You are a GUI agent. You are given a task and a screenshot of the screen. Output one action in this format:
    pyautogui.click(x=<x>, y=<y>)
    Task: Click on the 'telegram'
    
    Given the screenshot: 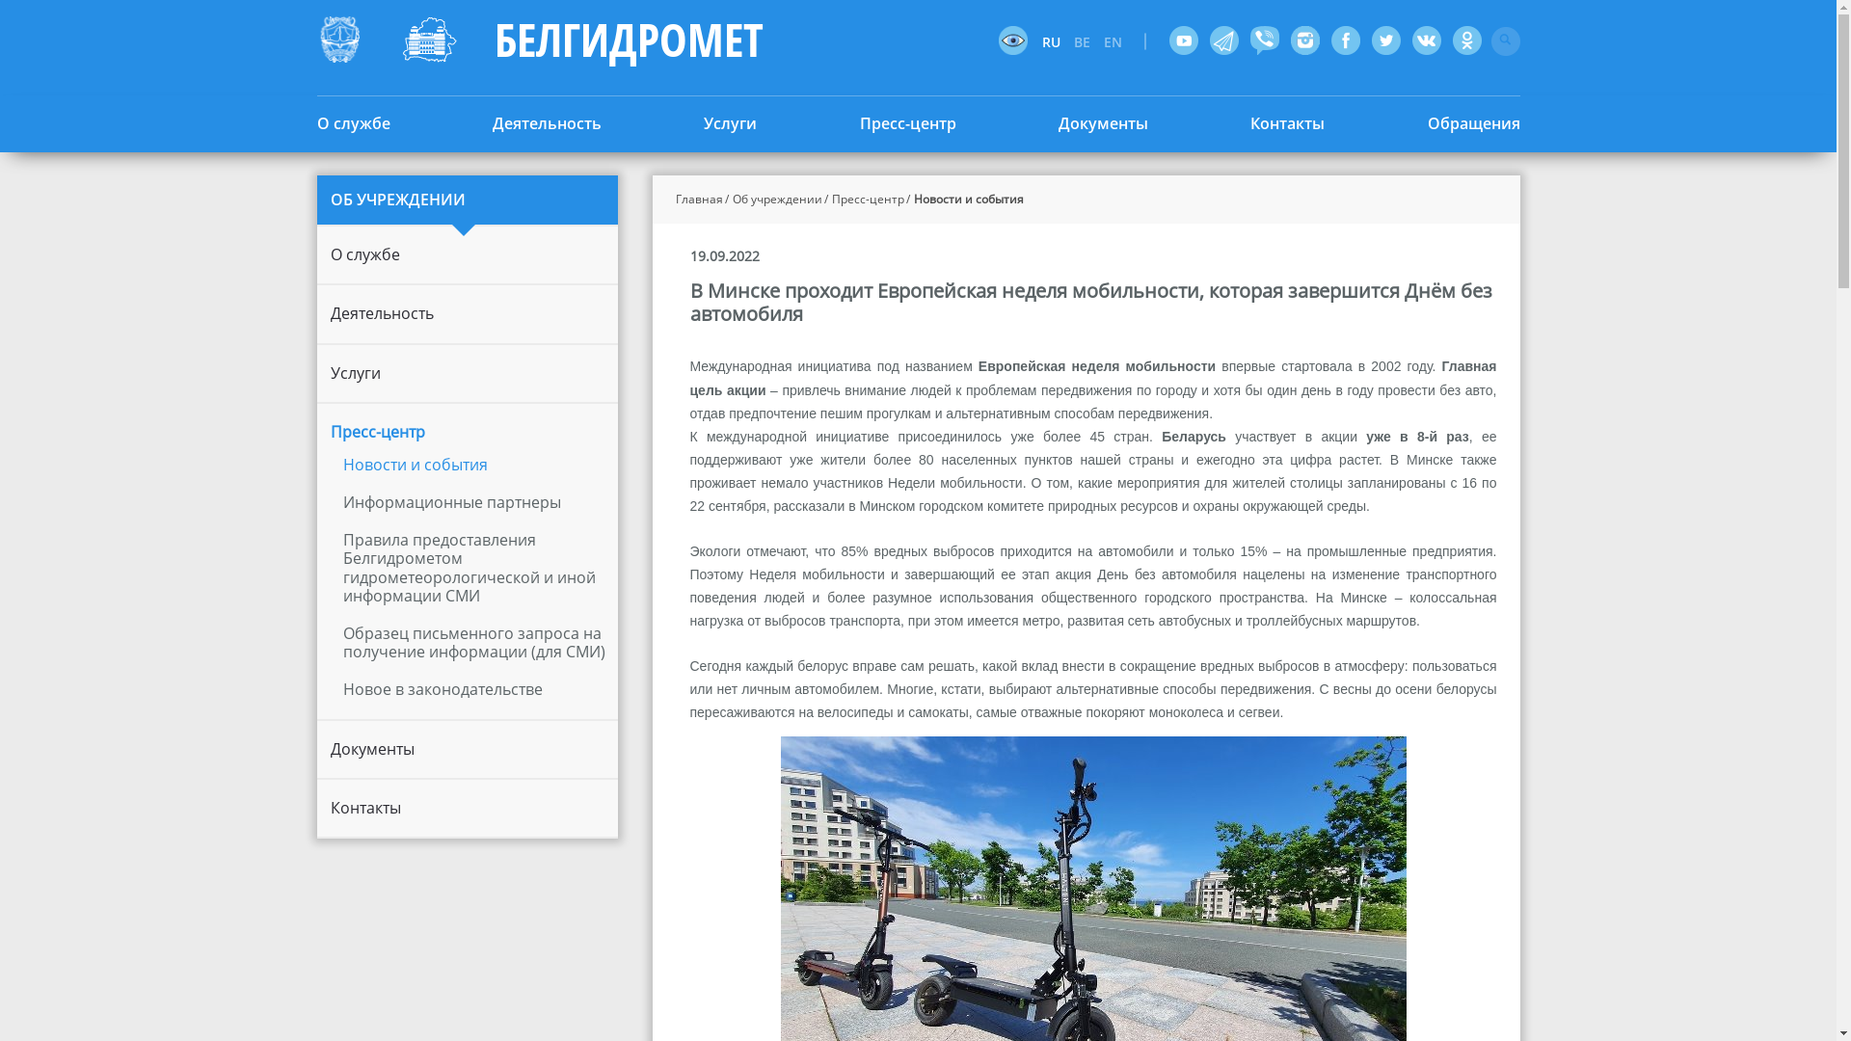 What is the action you would take?
    pyautogui.click(x=1221, y=40)
    